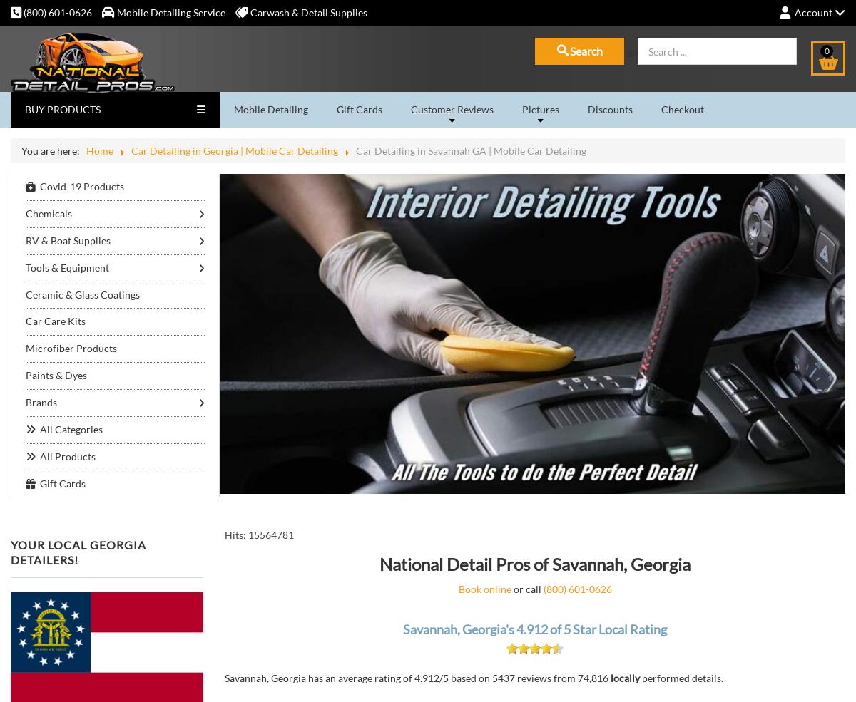 Image resolution: width=856 pixels, height=702 pixels. Describe the element at coordinates (683, 108) in the screenshot. I see `'Checkout'` at that location.